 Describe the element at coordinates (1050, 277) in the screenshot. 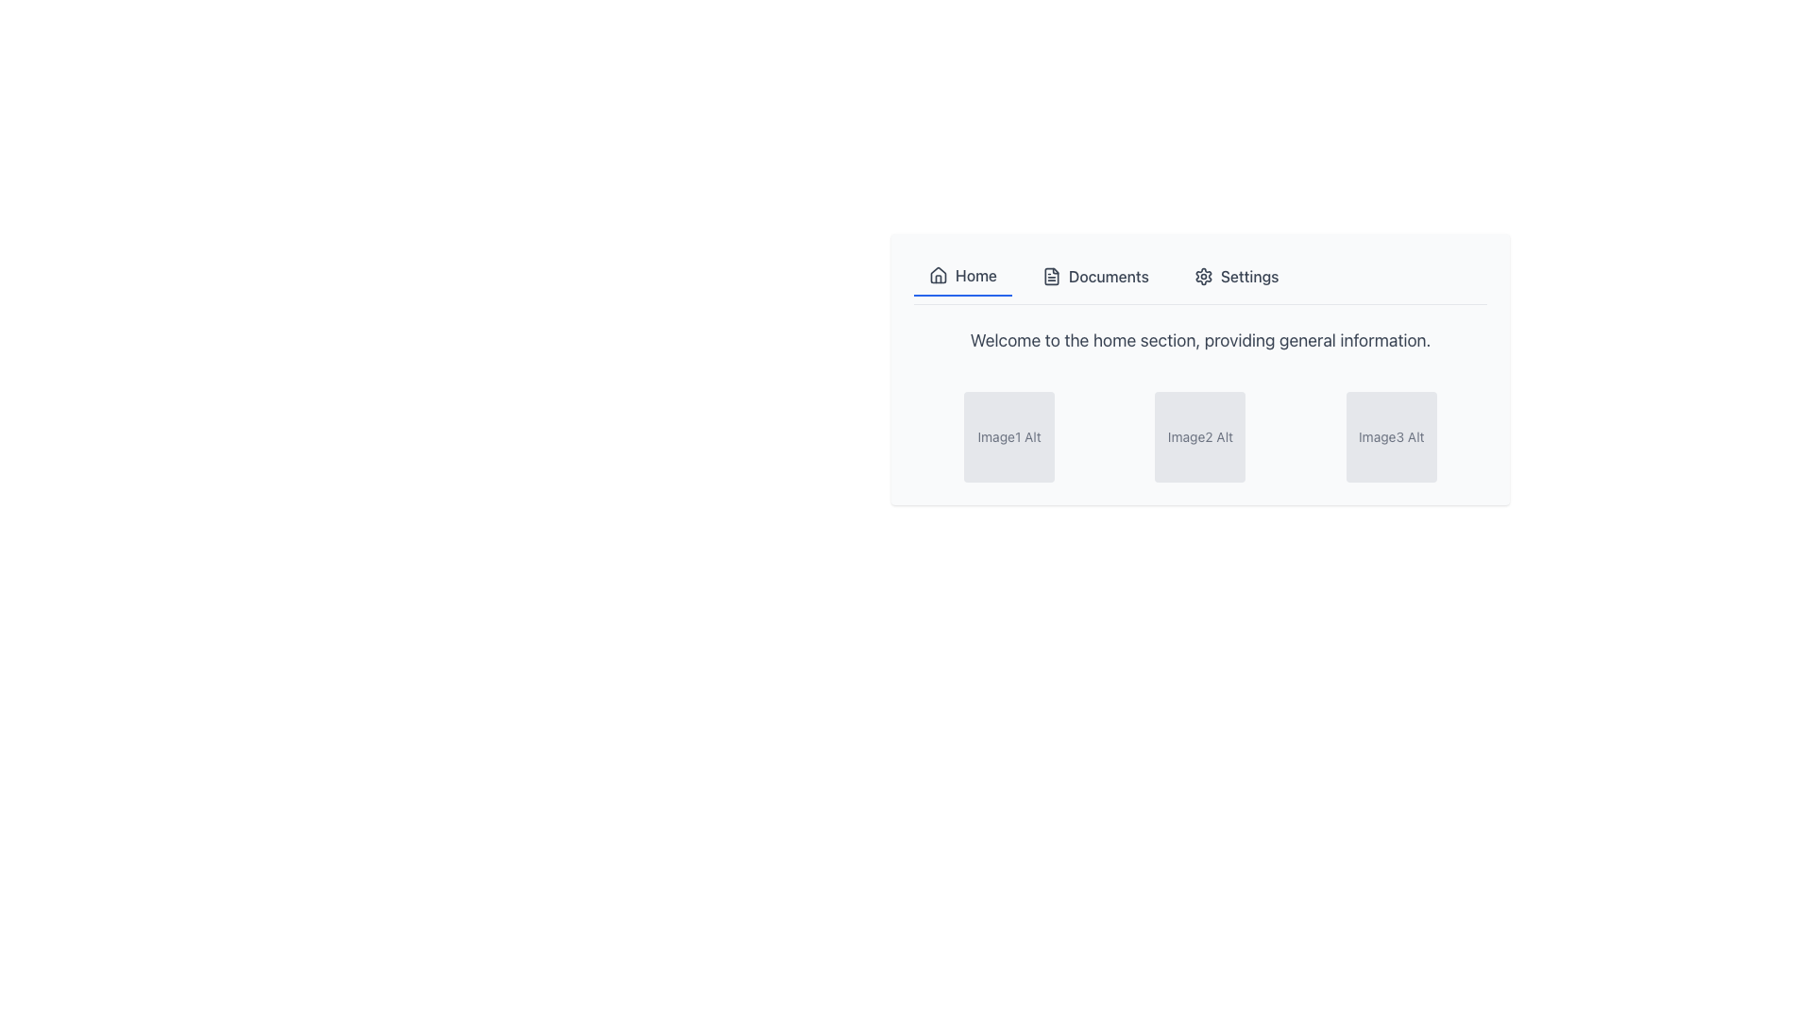

I see `the 'Documents' navigation icon located in the navigation bar, positioned as the second icon between 'Home' and 'Settings'` at that location.